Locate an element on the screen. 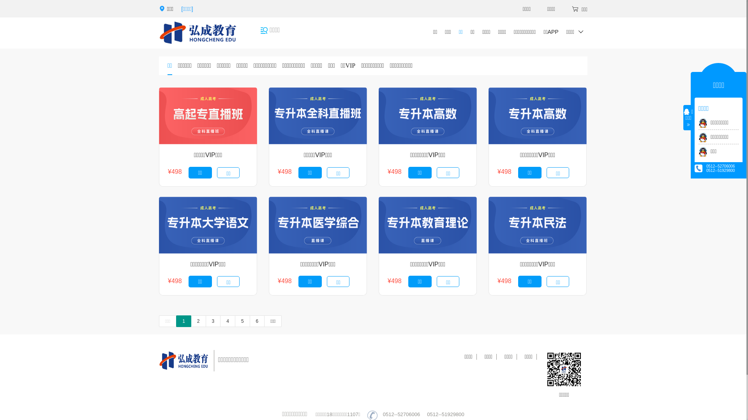  '6' is located at coordinates (257, 321).